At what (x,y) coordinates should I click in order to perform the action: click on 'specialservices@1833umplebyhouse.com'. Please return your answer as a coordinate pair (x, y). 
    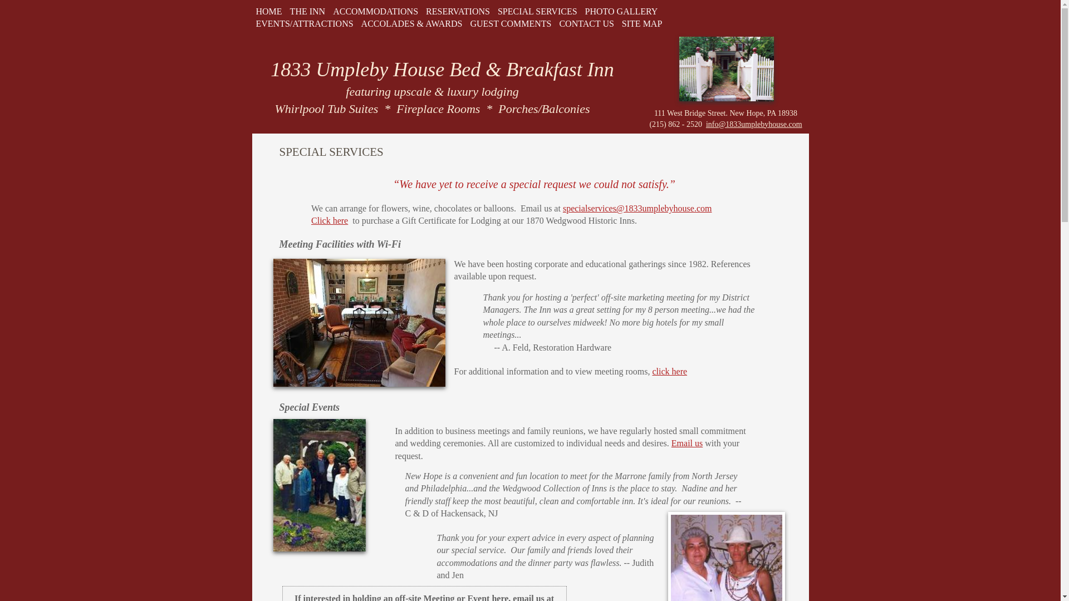
    Looking at the image, I should click on (638, 208).